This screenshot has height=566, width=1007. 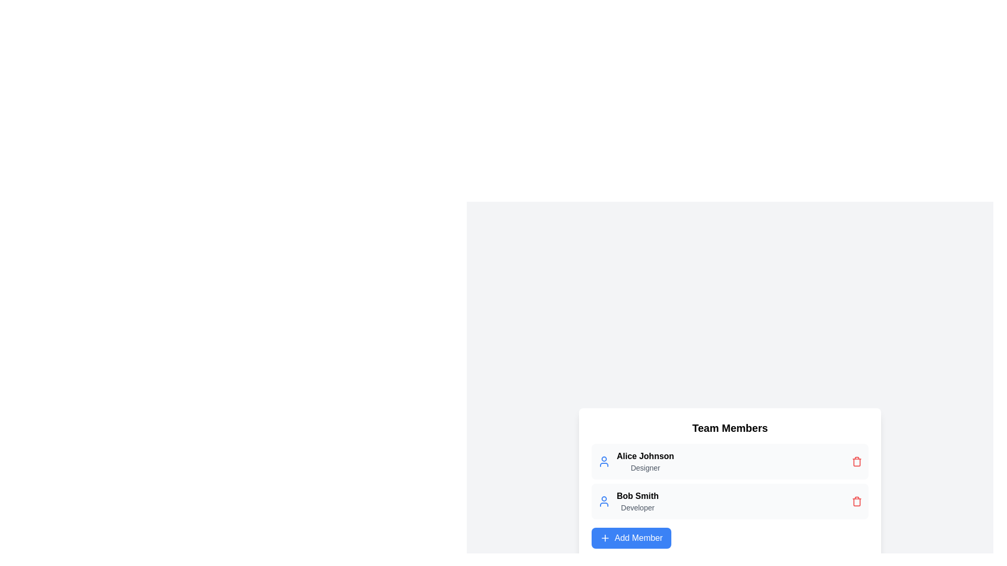 I want to click on the text label displaying 'Designer' in a smaller, gray font located in the 'Team Members' section beneath 'Alice Johnson', so click(x=645, y=467).